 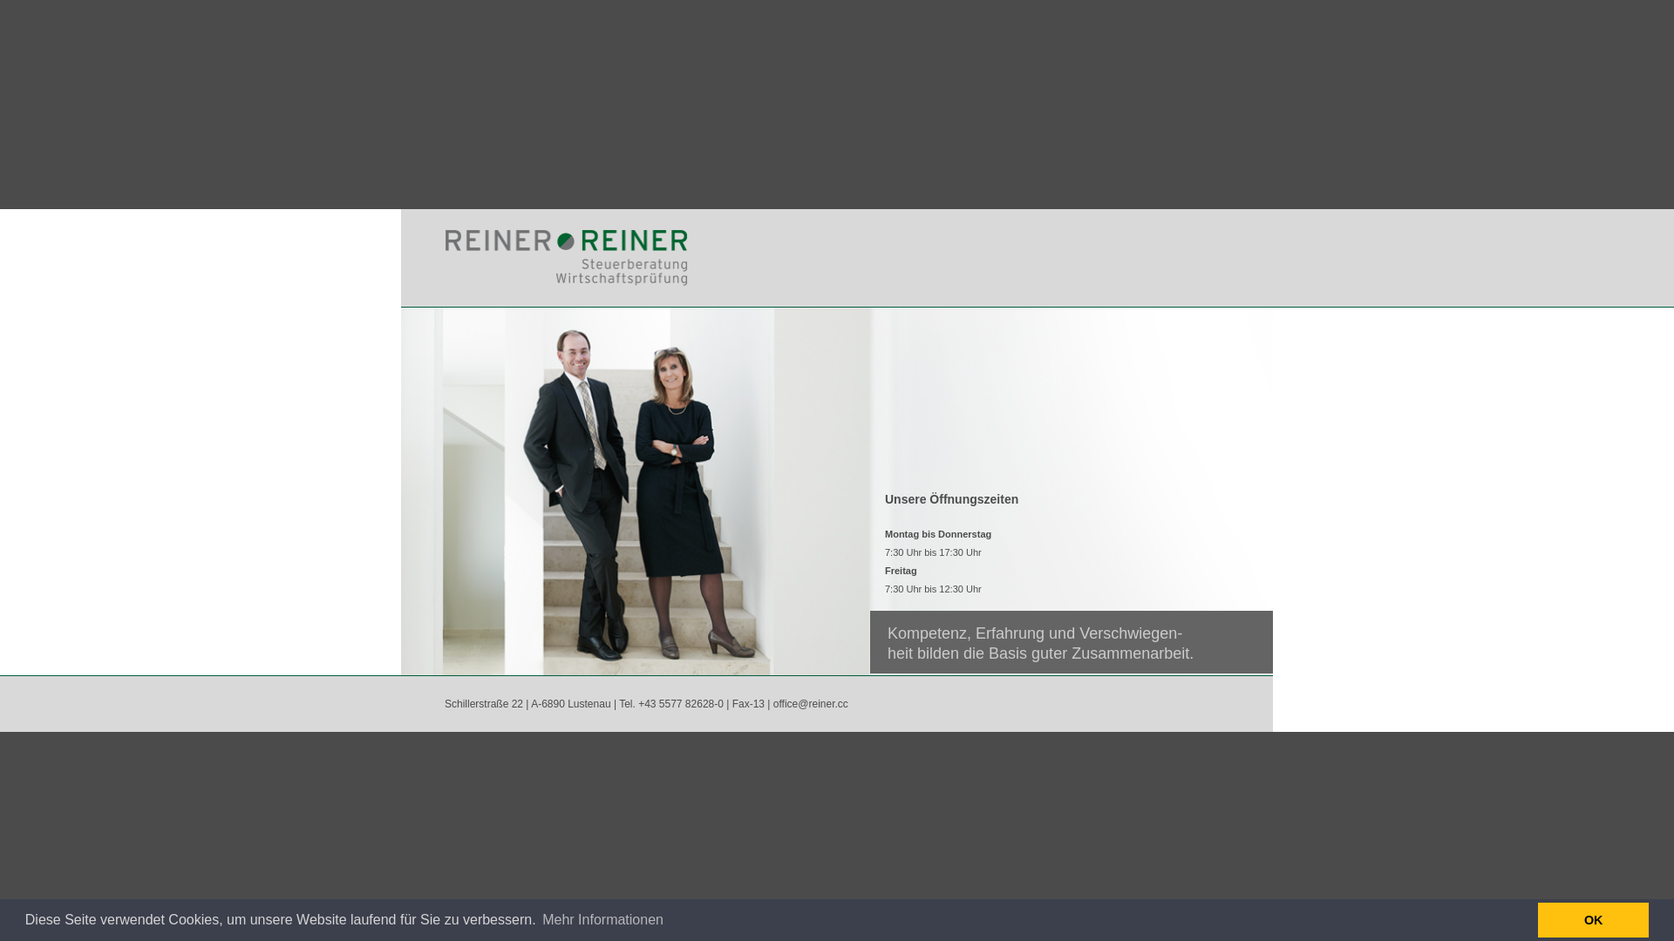 What do you see at coordinates (602, 919) in the screenshot?
I see `'Mehr Informationen'` at bounding box center [602, 919].